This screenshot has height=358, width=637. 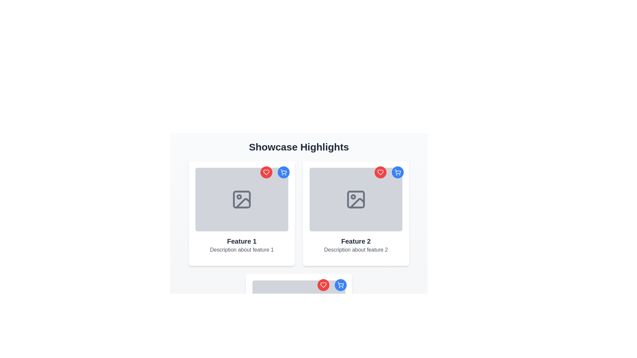 What do you see at coordinates (323, 285) in the screenshot?
I see `the heart icon located in the top-left corner of the second card in the second row of the cards grid layout to mark it as favorite` at bounding box center [323, 285].